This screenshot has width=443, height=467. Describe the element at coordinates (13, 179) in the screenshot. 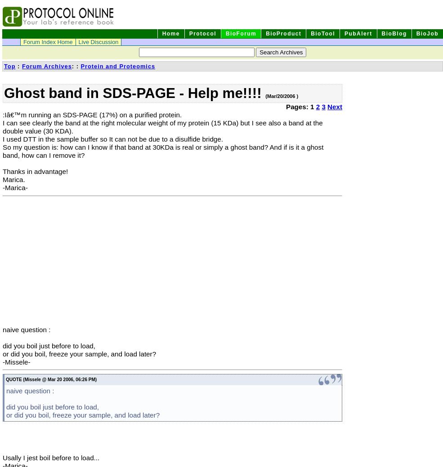

I see `'Marica.'` at that location.